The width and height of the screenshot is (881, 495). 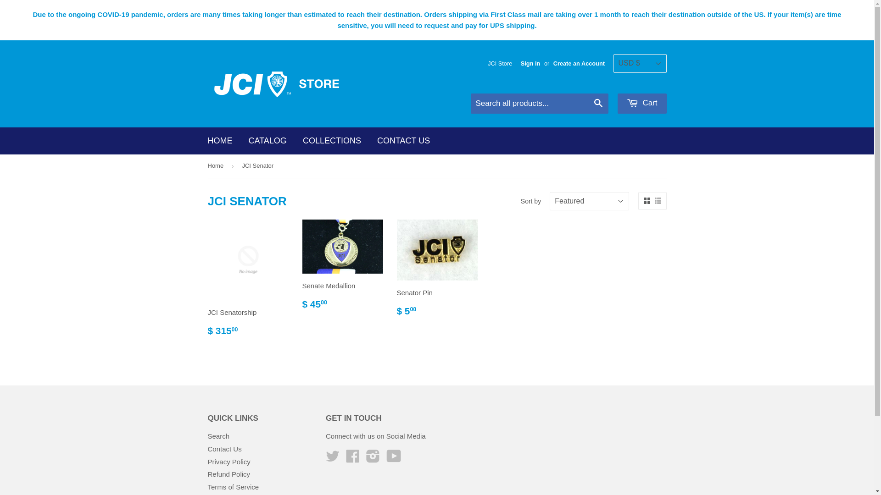 What do you see at coordinates (331, 141) in the screenshot?
I see `'COLLECTIONS'` at bounding box center [331, 141].